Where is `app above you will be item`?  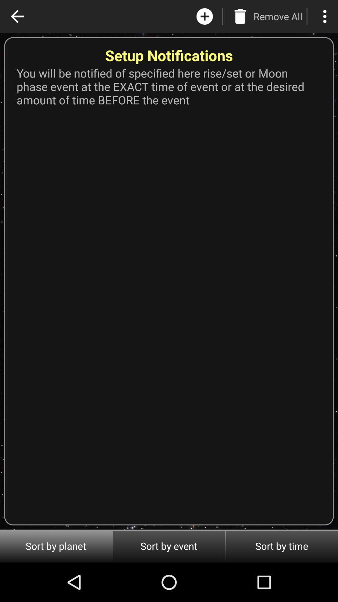
app above you will be item is located at coordinates (277, 16).